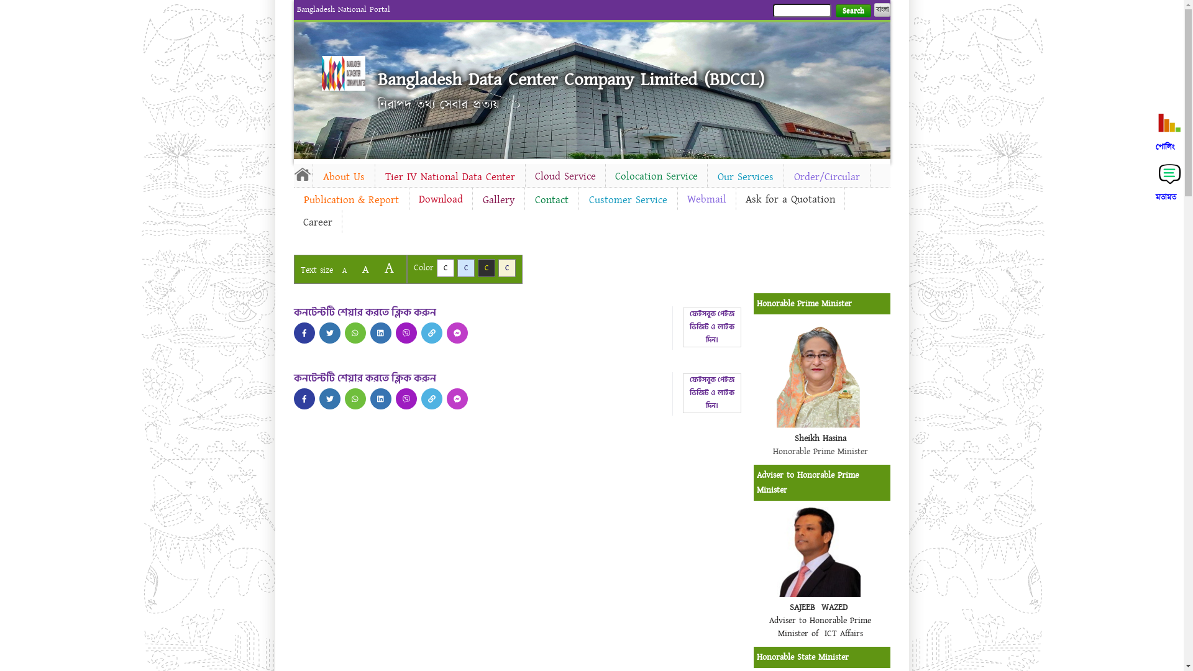  I want to click on 'Bangladesh National Portal', so click(343, 9).